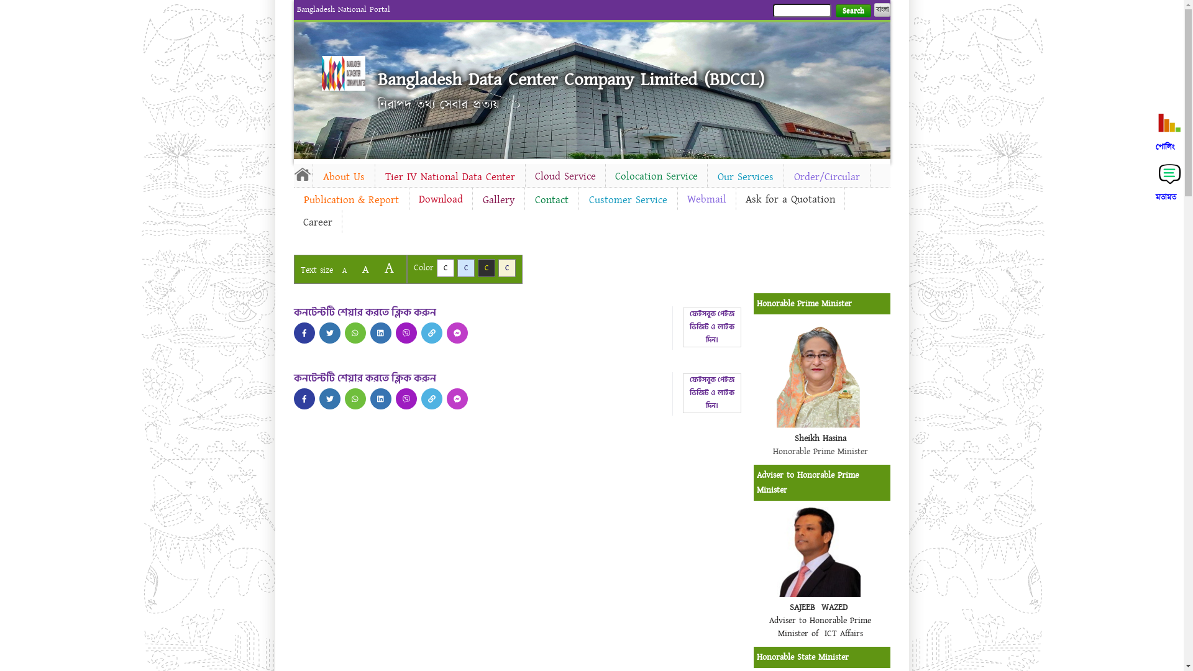  I want to click on 'Bangladesh National Portal', so click(343, 9).